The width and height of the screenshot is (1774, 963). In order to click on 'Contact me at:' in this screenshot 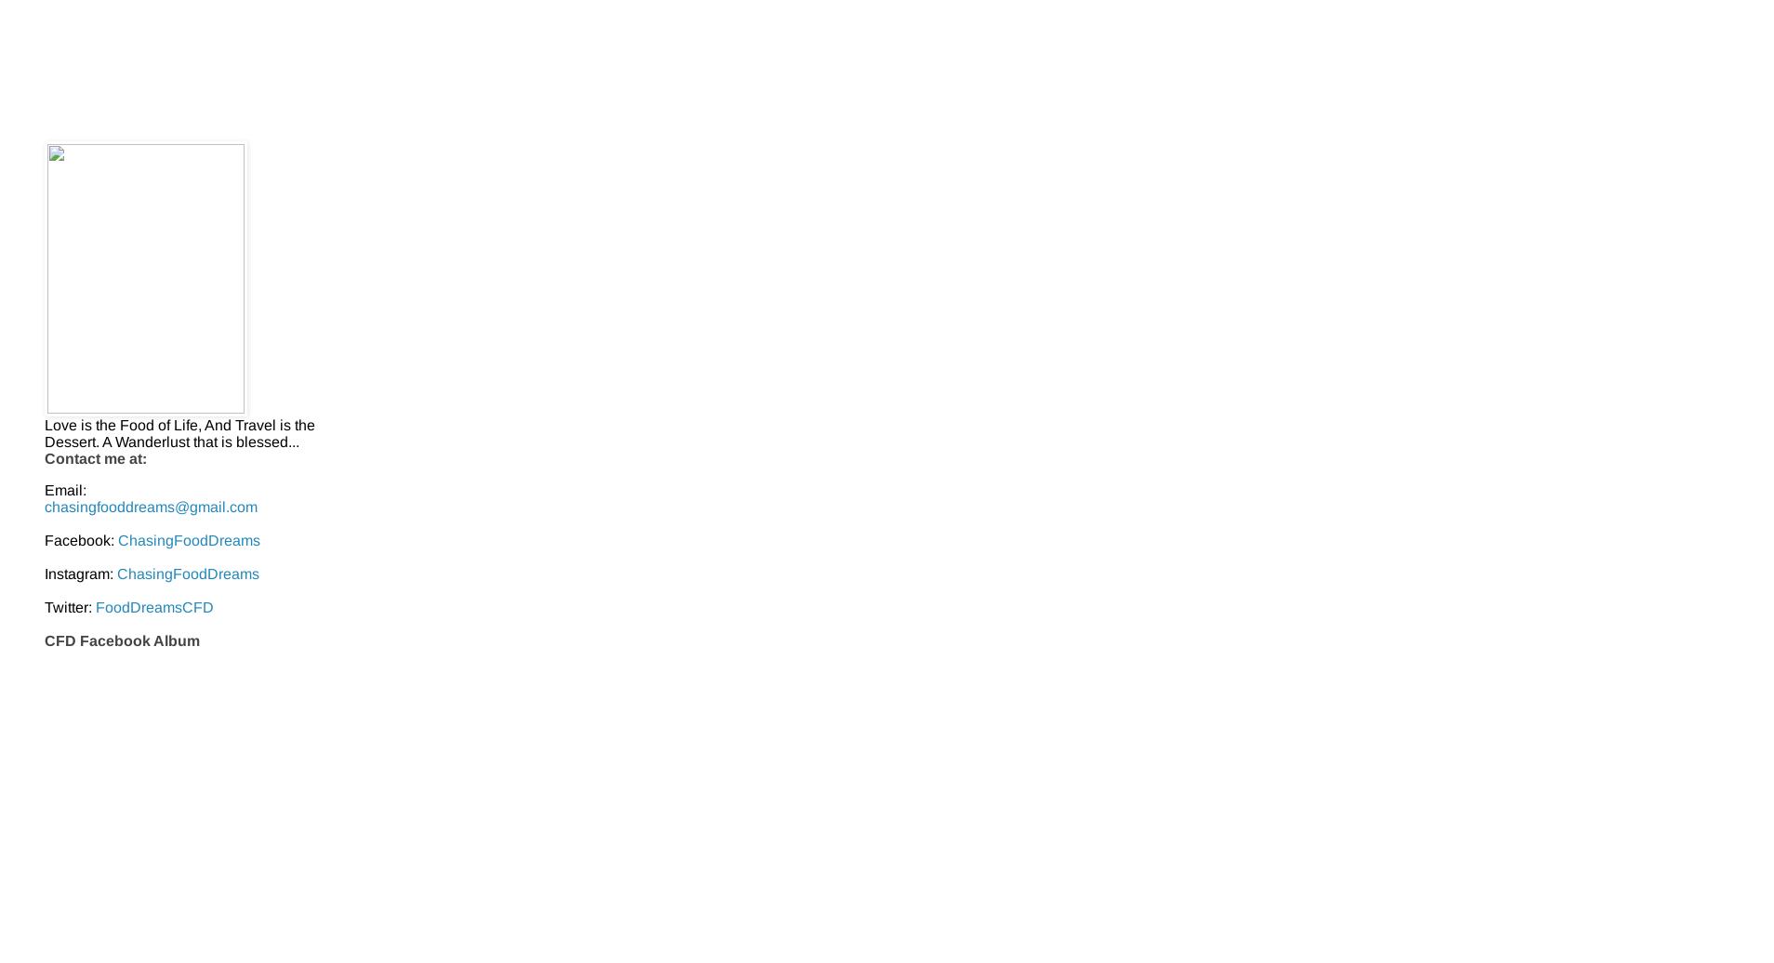, I will do `click(95, 457)`.